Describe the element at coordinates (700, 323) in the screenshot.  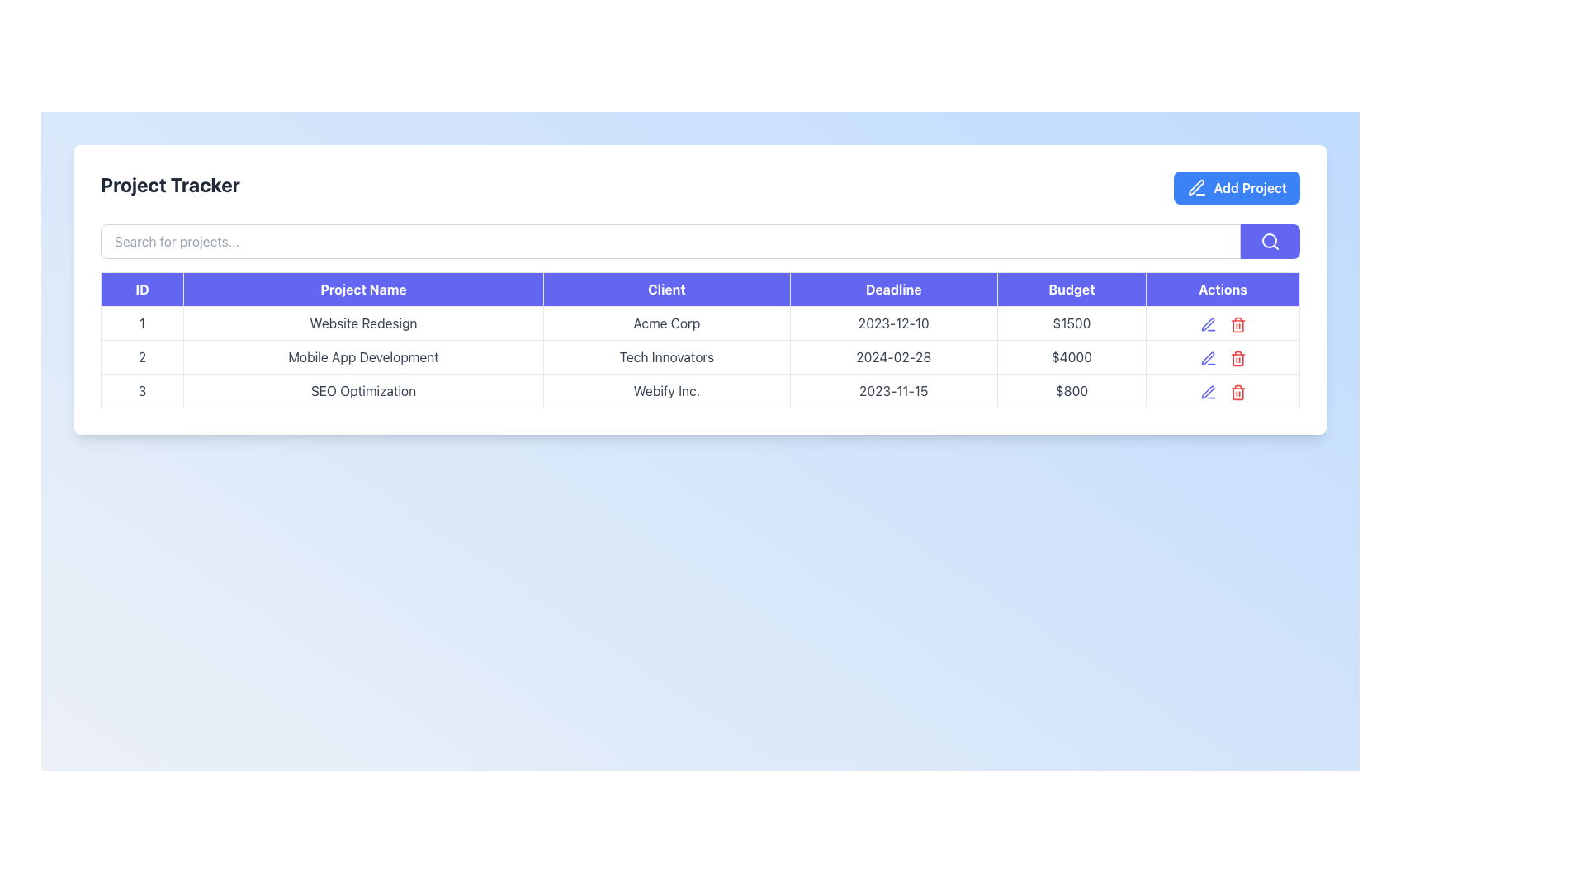
I see `the values in the first row of the project tracker table` at that location.